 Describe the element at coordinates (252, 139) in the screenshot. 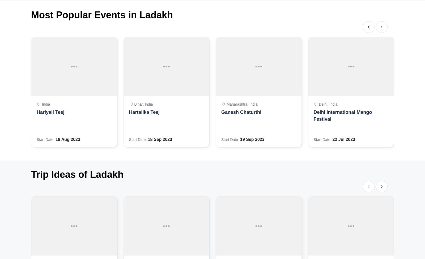

I see `'19 Sep 2023'` at that location.